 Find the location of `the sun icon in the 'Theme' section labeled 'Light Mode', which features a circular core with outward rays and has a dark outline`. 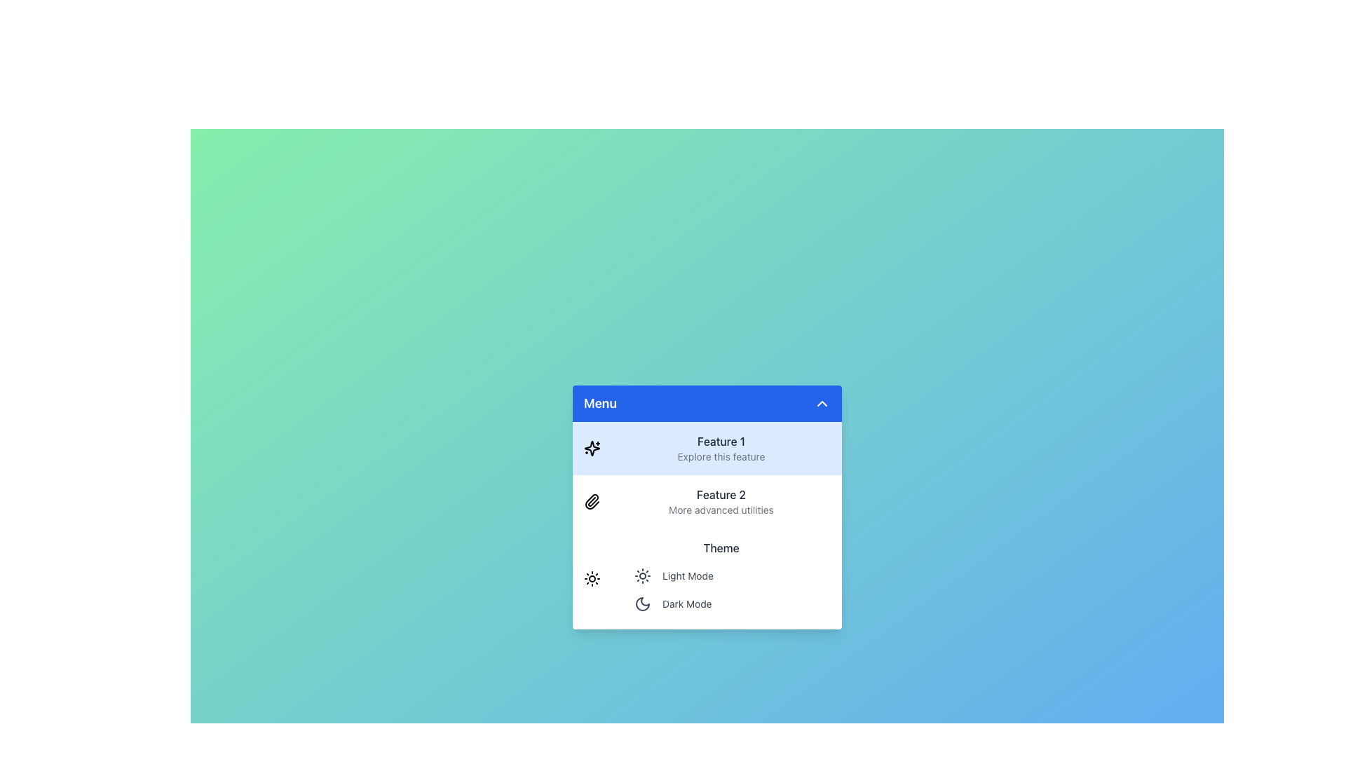

the sun icon in the 'Theme' section labeled 'Light Mode', which features a circular core with outward rays and has a dark outline is located at coordinates (641, 575).